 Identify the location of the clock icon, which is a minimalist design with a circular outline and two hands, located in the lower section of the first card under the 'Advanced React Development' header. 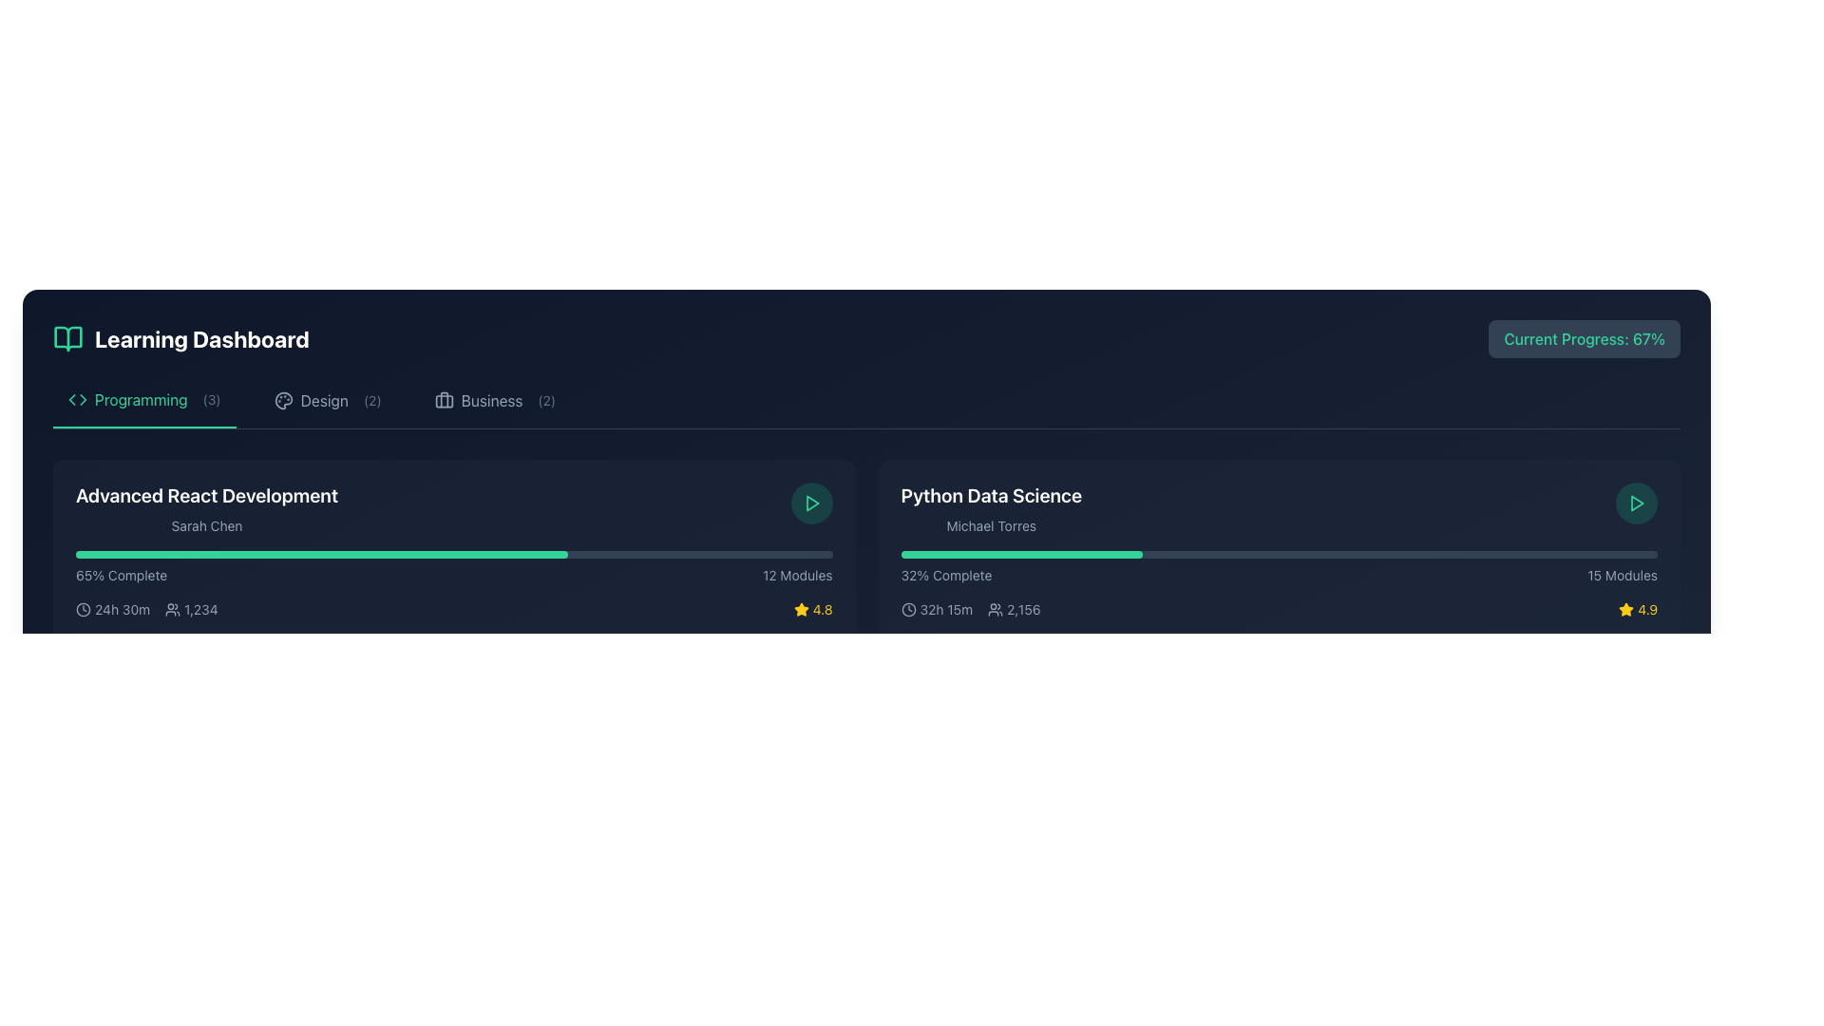
(82, 813).